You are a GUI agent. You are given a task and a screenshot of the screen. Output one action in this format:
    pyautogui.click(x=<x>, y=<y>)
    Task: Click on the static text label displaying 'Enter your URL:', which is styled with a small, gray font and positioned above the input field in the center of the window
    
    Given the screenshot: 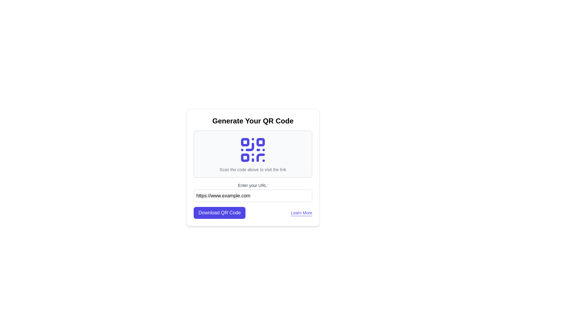 What is the action you would take?
    pyautogui.click(x=253, y=185)
    